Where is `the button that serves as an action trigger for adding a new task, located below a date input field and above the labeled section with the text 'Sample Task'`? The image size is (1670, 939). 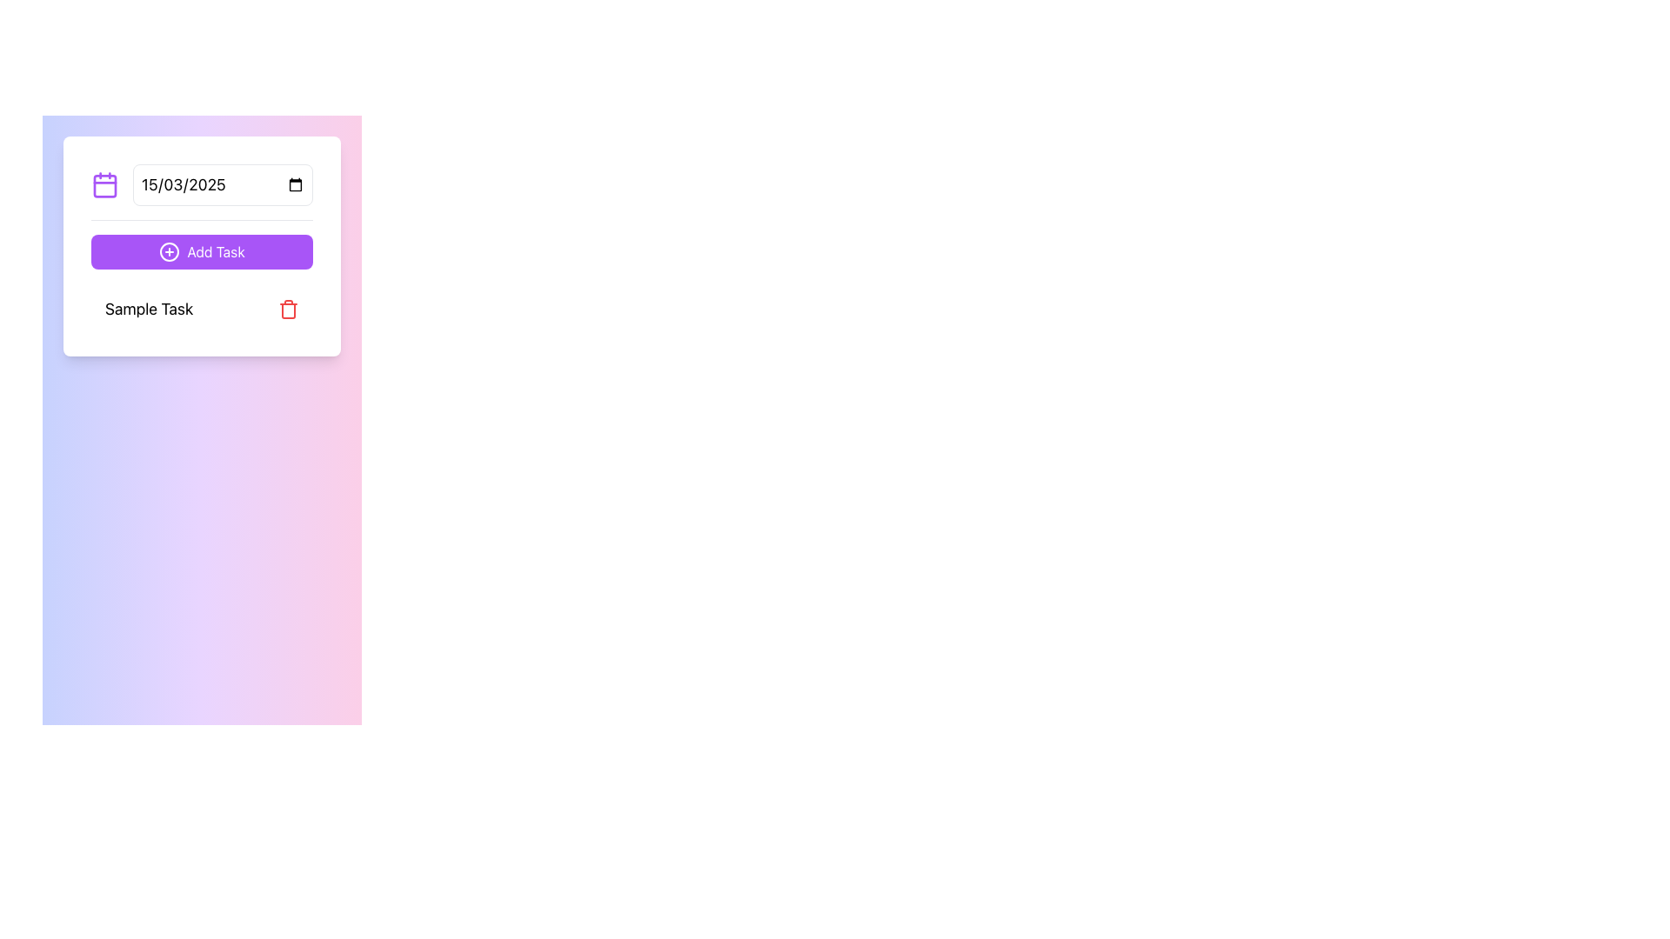 the button that serves as an action trigger for adding a new task, located below a date input field and above the labeled section with the text 'Sample Task' is located at coordinates (202, 251).